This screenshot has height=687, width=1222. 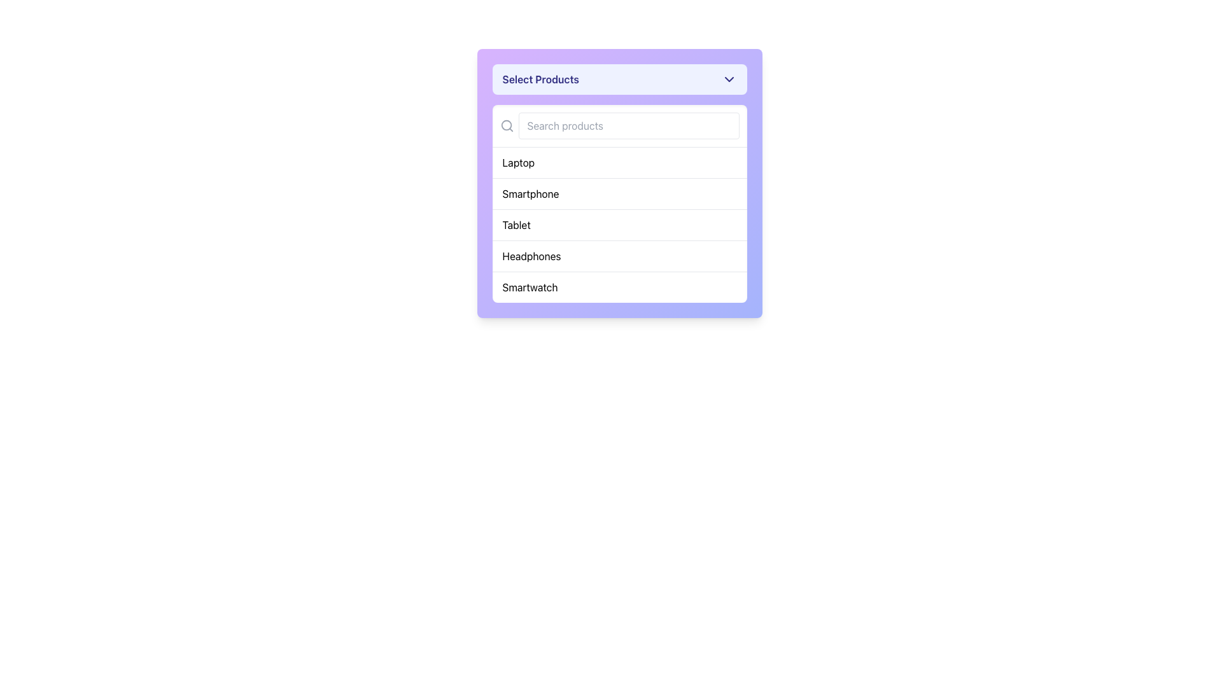 I want to click on the Dropdown button located in the upper section of a panel with a purple gradient background to indicate interactivity, so click(x=619, y=79).